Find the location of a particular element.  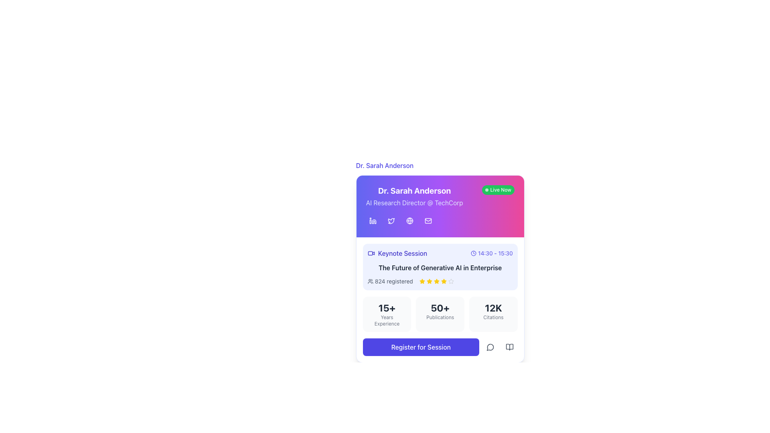

the rectangular button labeled 'Register for Session' with a blue background to trigger the hover effect is located at coordinates (440, 347).